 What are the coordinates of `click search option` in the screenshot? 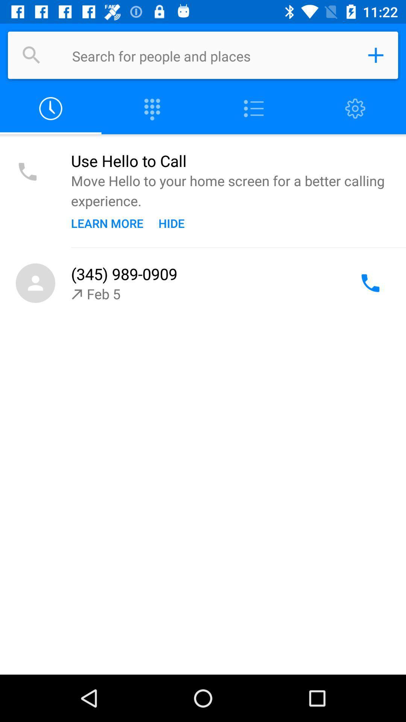 It's located at (31, 55).